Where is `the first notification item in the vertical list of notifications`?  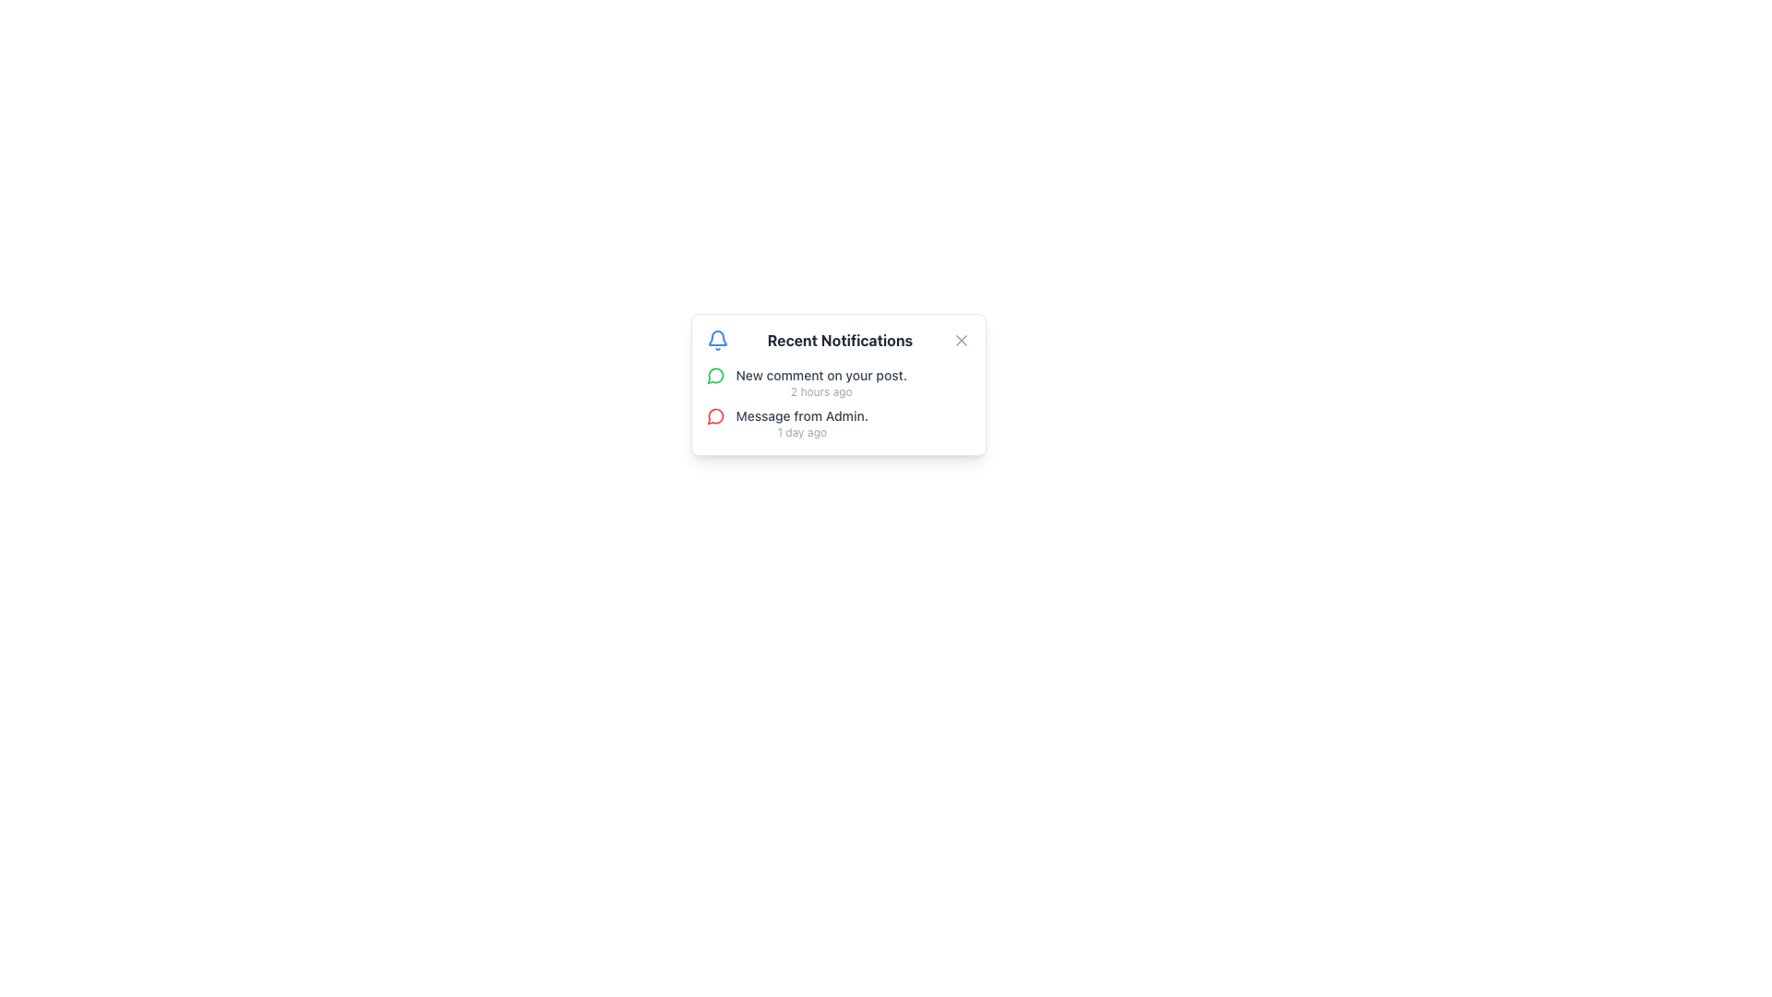
the first notification item in the vertical list of notifications is located at coordinates (837, 382).